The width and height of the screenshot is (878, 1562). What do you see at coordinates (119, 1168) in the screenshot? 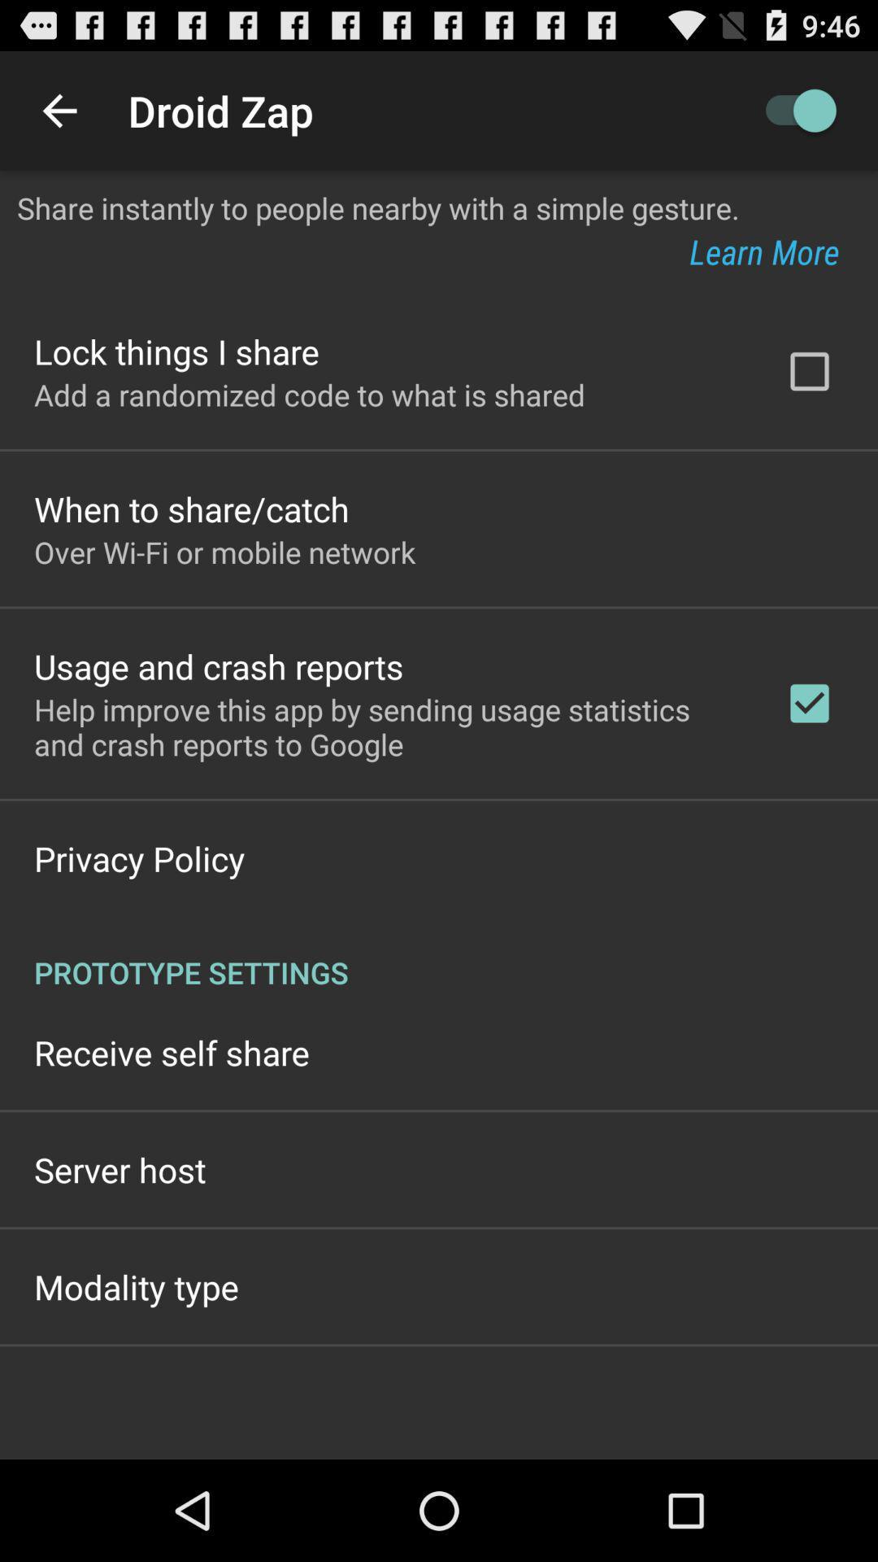
I see `the item above modality type icon` at bounding box center [119, 1168].